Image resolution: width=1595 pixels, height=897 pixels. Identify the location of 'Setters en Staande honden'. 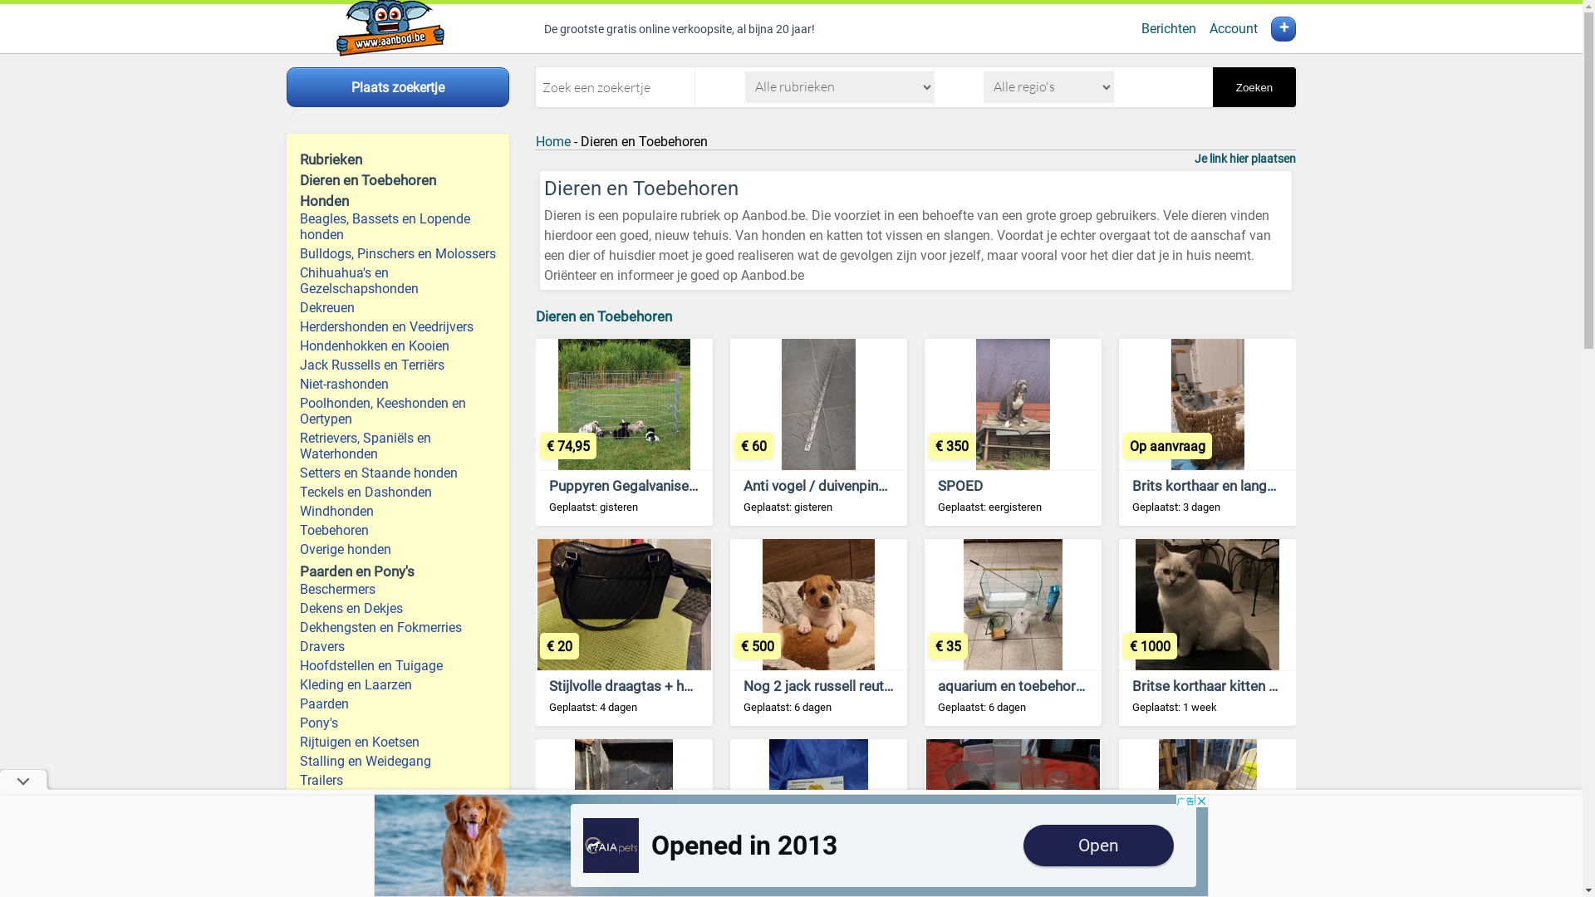
(397, 473).